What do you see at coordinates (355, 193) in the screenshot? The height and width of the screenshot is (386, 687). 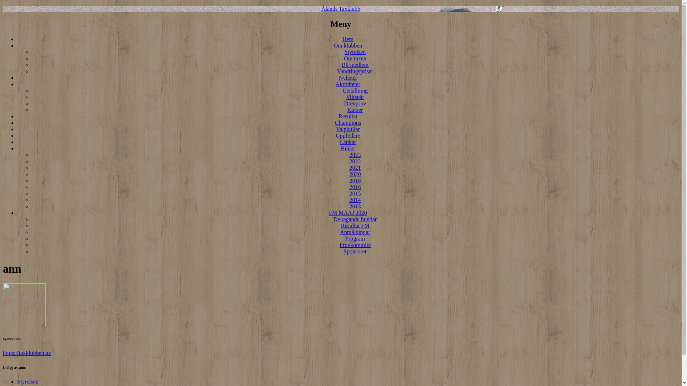 I see `'2015'` at bounding box center [355, 193].